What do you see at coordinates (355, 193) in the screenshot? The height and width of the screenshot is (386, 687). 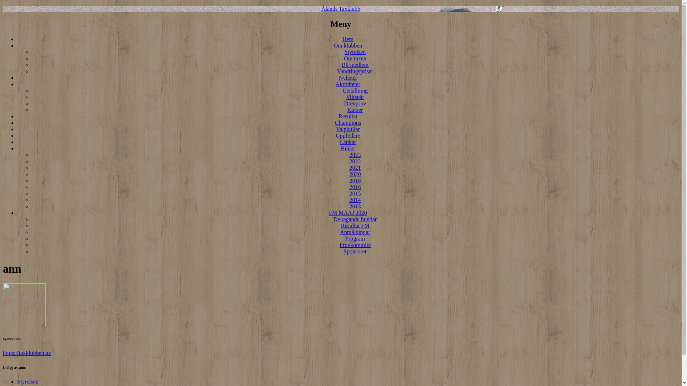 I see `'2015'` at bounding box center [355, 193].